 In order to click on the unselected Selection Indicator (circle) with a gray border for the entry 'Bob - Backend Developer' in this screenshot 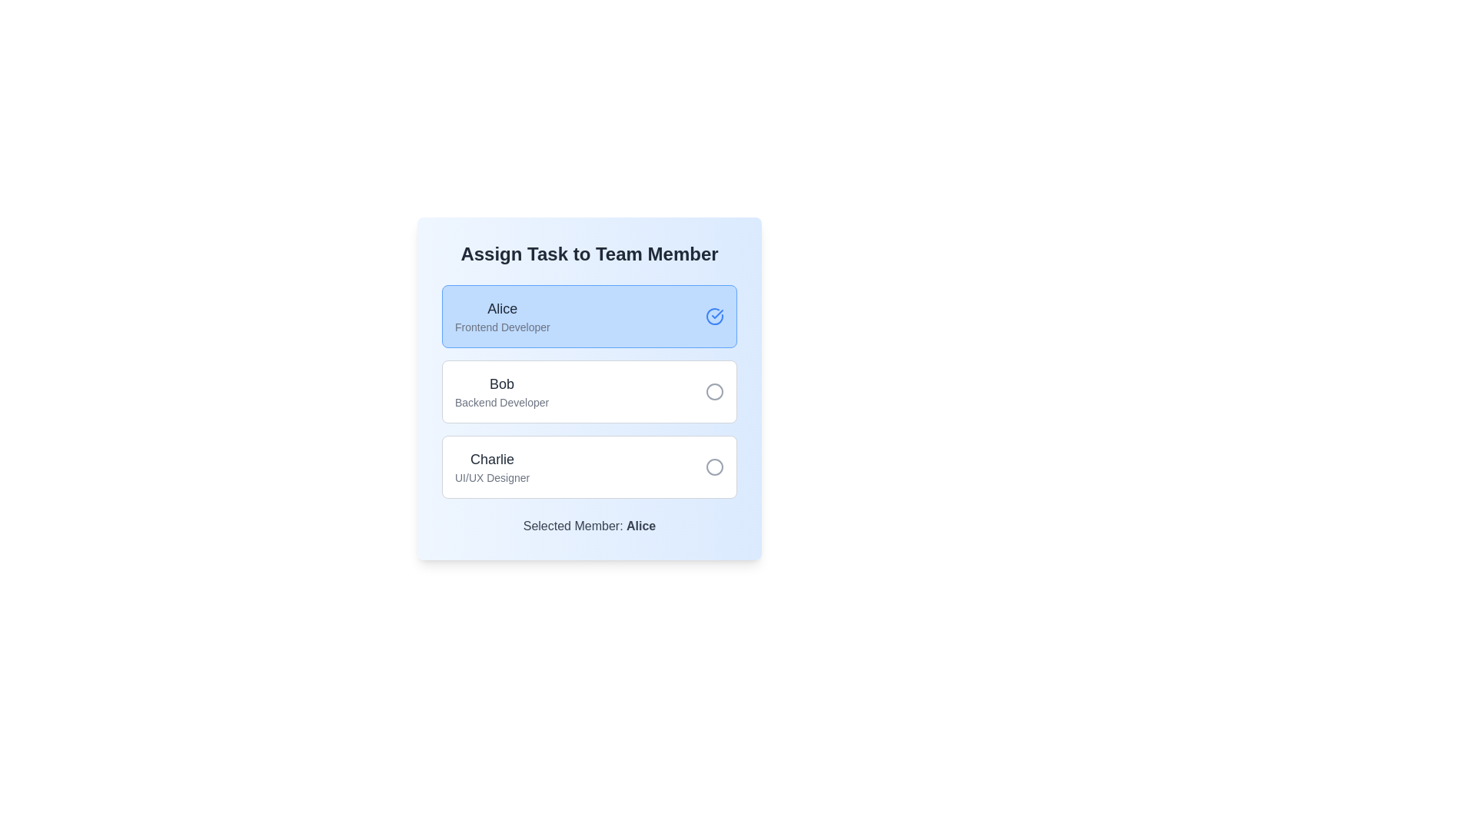, I will do `click(714, 390)`.